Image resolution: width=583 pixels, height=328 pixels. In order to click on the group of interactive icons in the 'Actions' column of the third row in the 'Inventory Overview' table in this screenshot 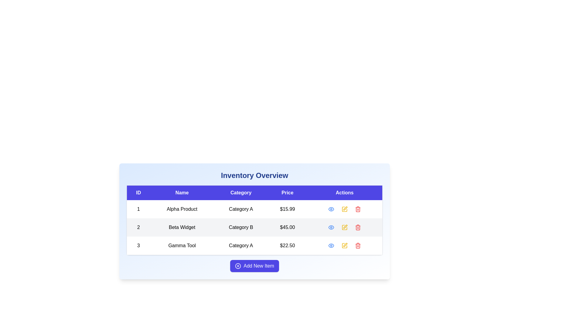, I will do `click(345, 245)`.